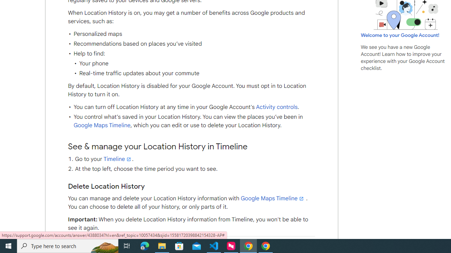 This screenshot has width=451, height=253. I want to click on 'Welcome to your Google Account!', so click(400, 35).